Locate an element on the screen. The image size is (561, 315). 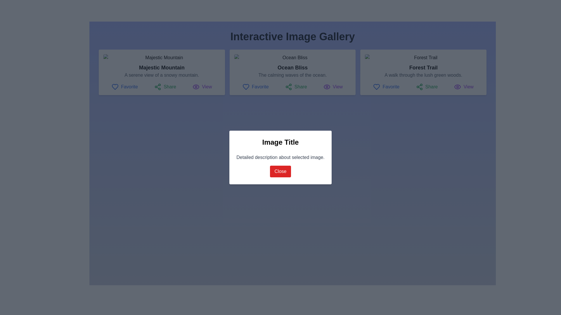
the blue heart icon button labeled 'Favorite' is located at coordinates (386, 87).